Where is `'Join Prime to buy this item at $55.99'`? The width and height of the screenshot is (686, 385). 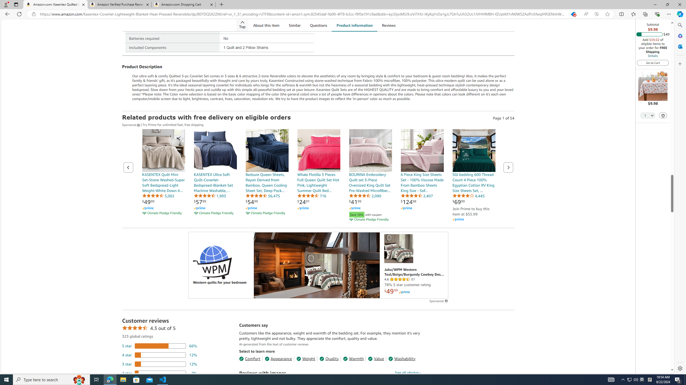
'Join Prime to buy this item at $55.99' is located at coordinates (471, 211).